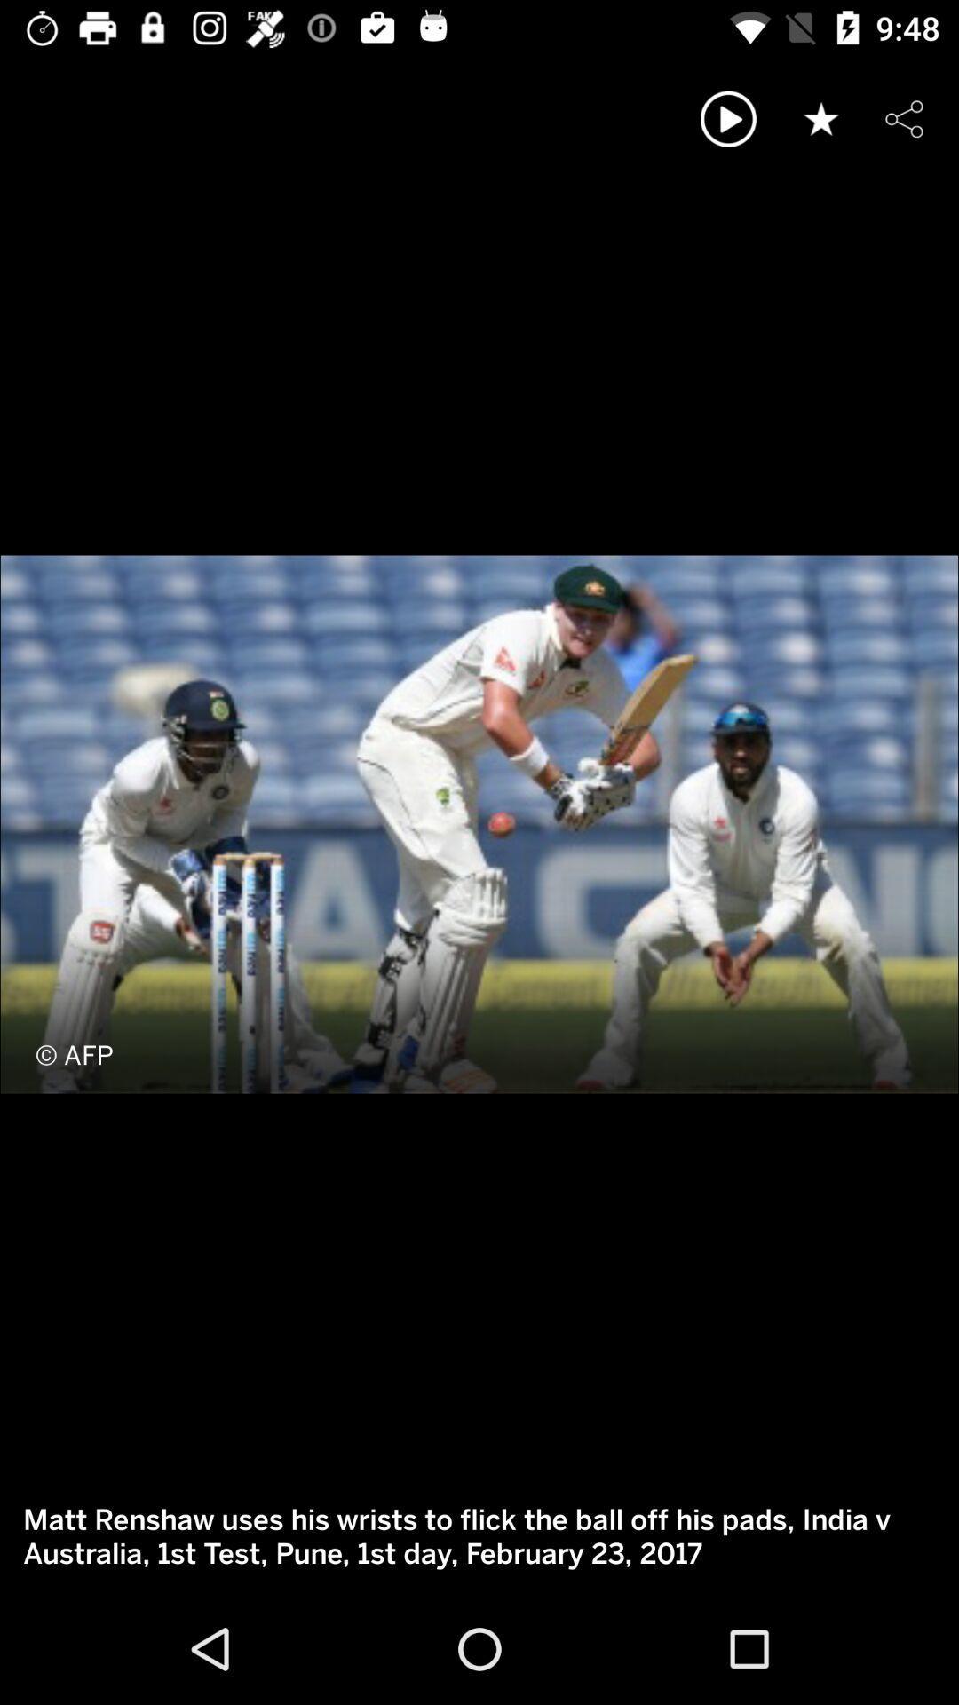  I want to click on share the article, so click(904, 118).